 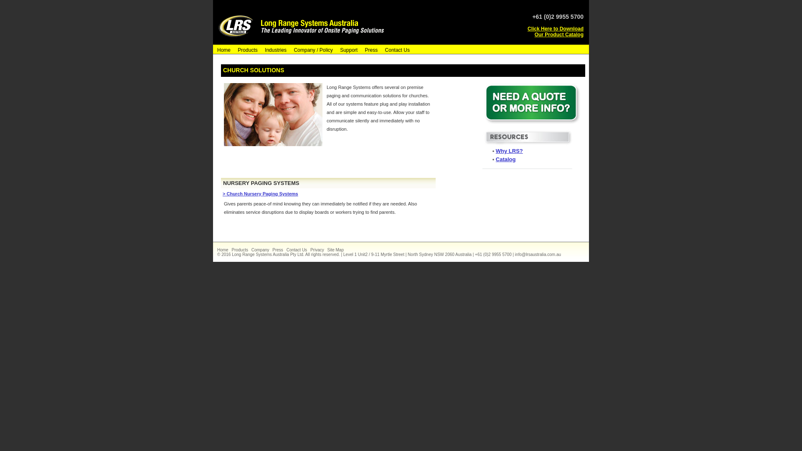 I want to click on 'Company', so click(x=261, y=249).